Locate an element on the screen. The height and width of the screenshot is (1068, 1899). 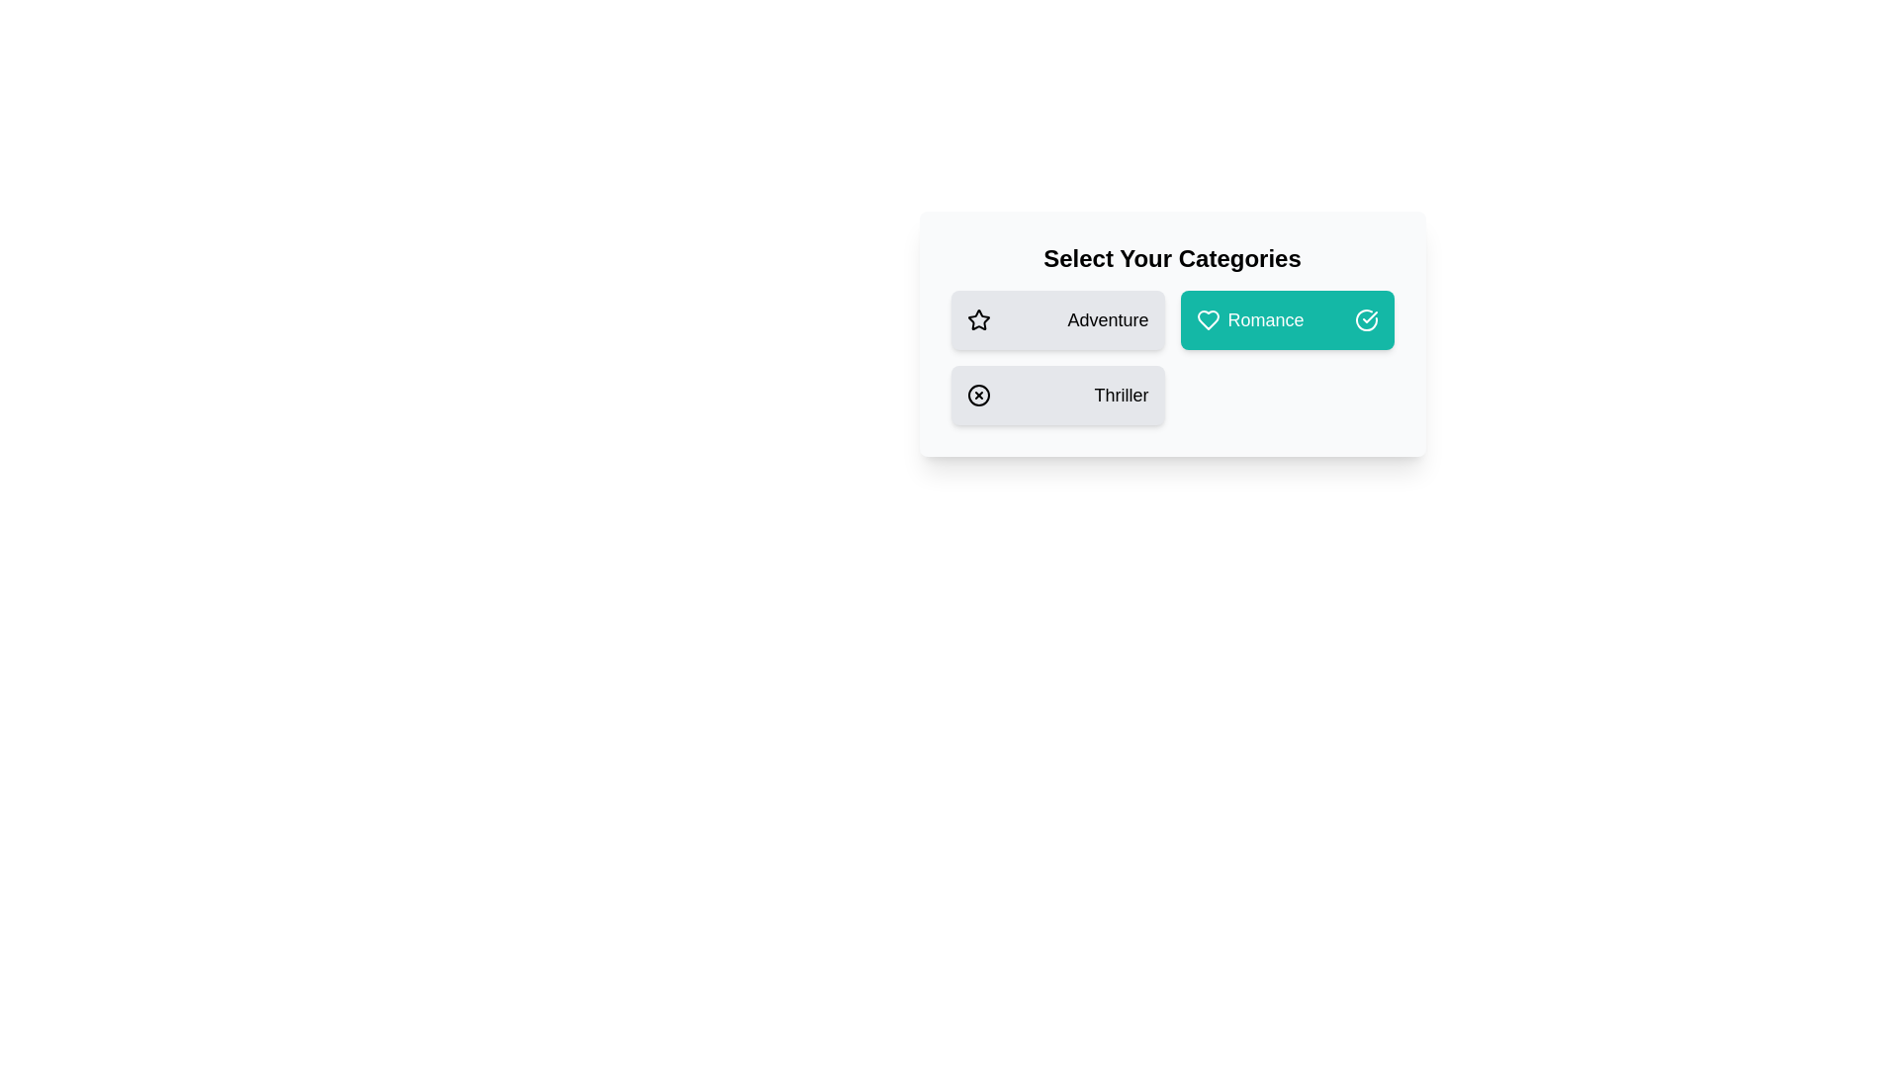
the category Romance is located at coordinates (1287, 319).